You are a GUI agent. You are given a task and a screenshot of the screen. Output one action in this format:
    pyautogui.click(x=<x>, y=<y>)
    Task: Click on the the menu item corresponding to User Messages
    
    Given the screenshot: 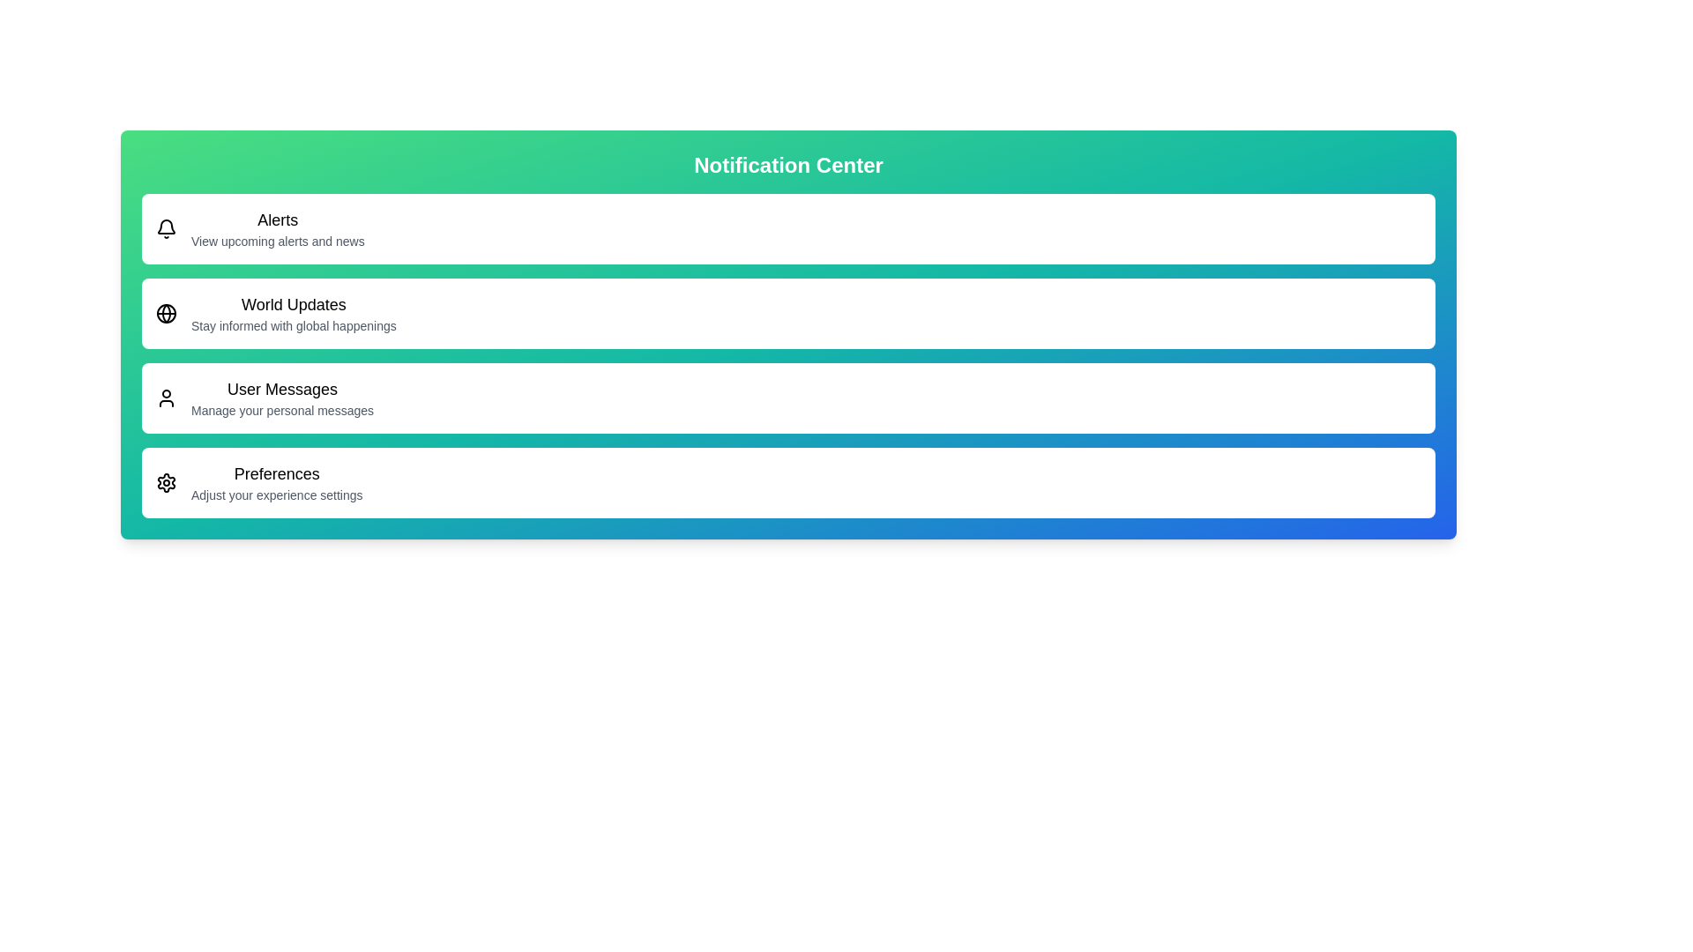 What is the action you would take?
    pyautogui.click(x=787, y=398)
    